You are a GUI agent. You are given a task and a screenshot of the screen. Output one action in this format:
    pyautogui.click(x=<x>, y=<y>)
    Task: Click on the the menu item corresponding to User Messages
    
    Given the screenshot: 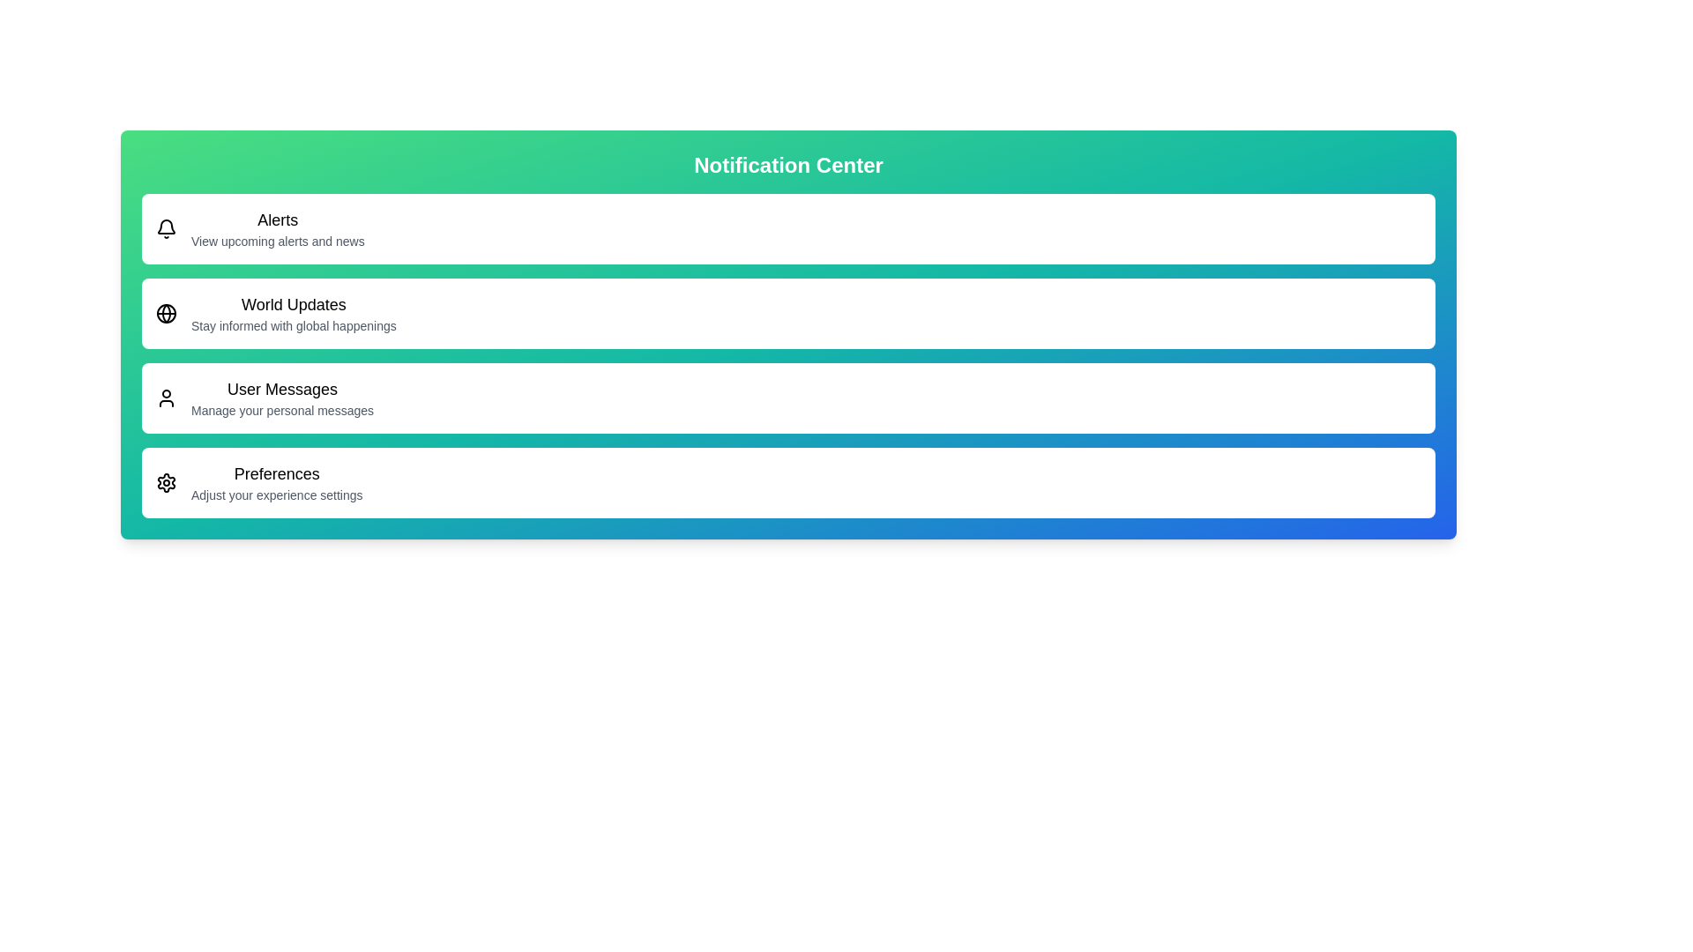 What is the action you would take?
    pyautogui.click(x=787, y=398)
    